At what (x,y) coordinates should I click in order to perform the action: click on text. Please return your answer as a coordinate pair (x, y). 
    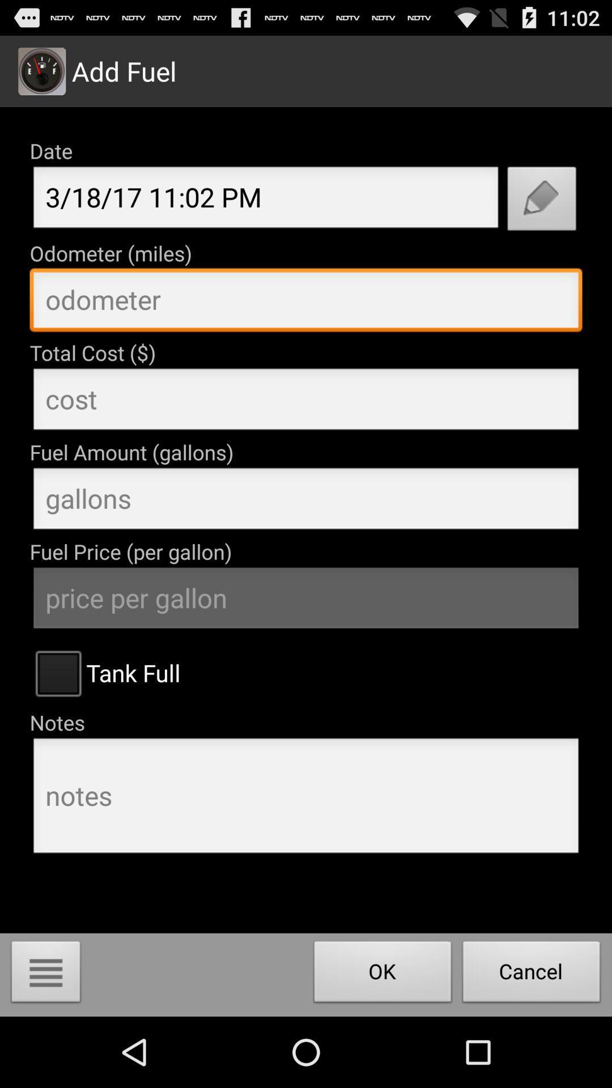
    Looking at the image, I should click on (306, 303).